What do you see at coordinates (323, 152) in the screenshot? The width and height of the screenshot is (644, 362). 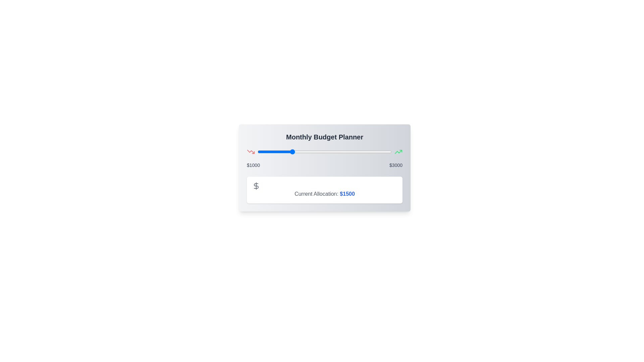 I see `the slider to set the budget allocation to 1974 dollars` at bounding box center [323, 152].